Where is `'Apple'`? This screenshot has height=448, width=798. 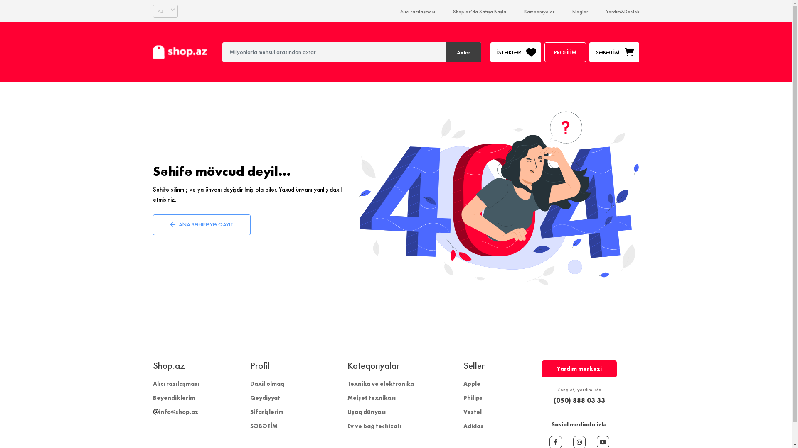 'Apple' is located at coordinates (462, 384).